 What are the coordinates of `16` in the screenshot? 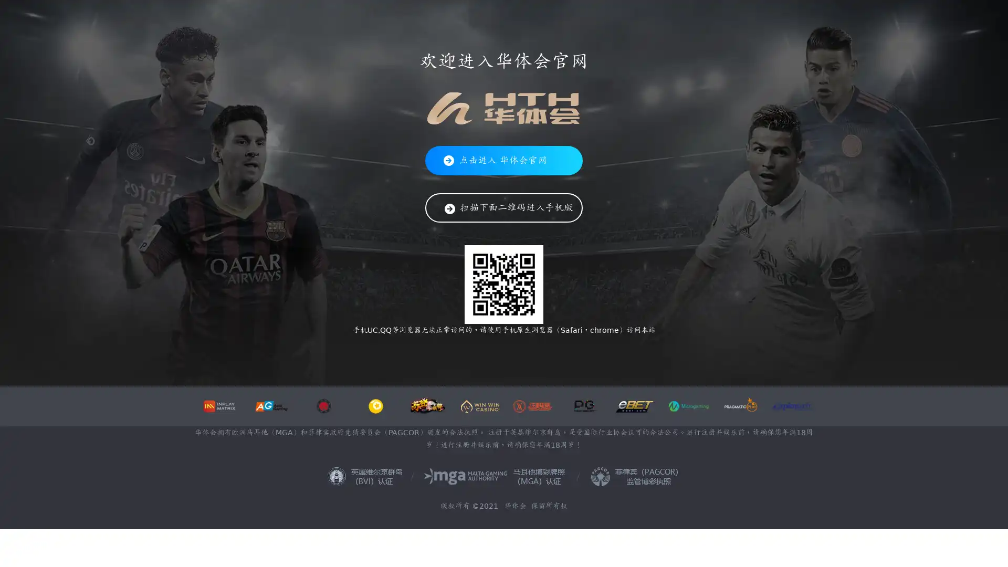 It's located at (593, 350).